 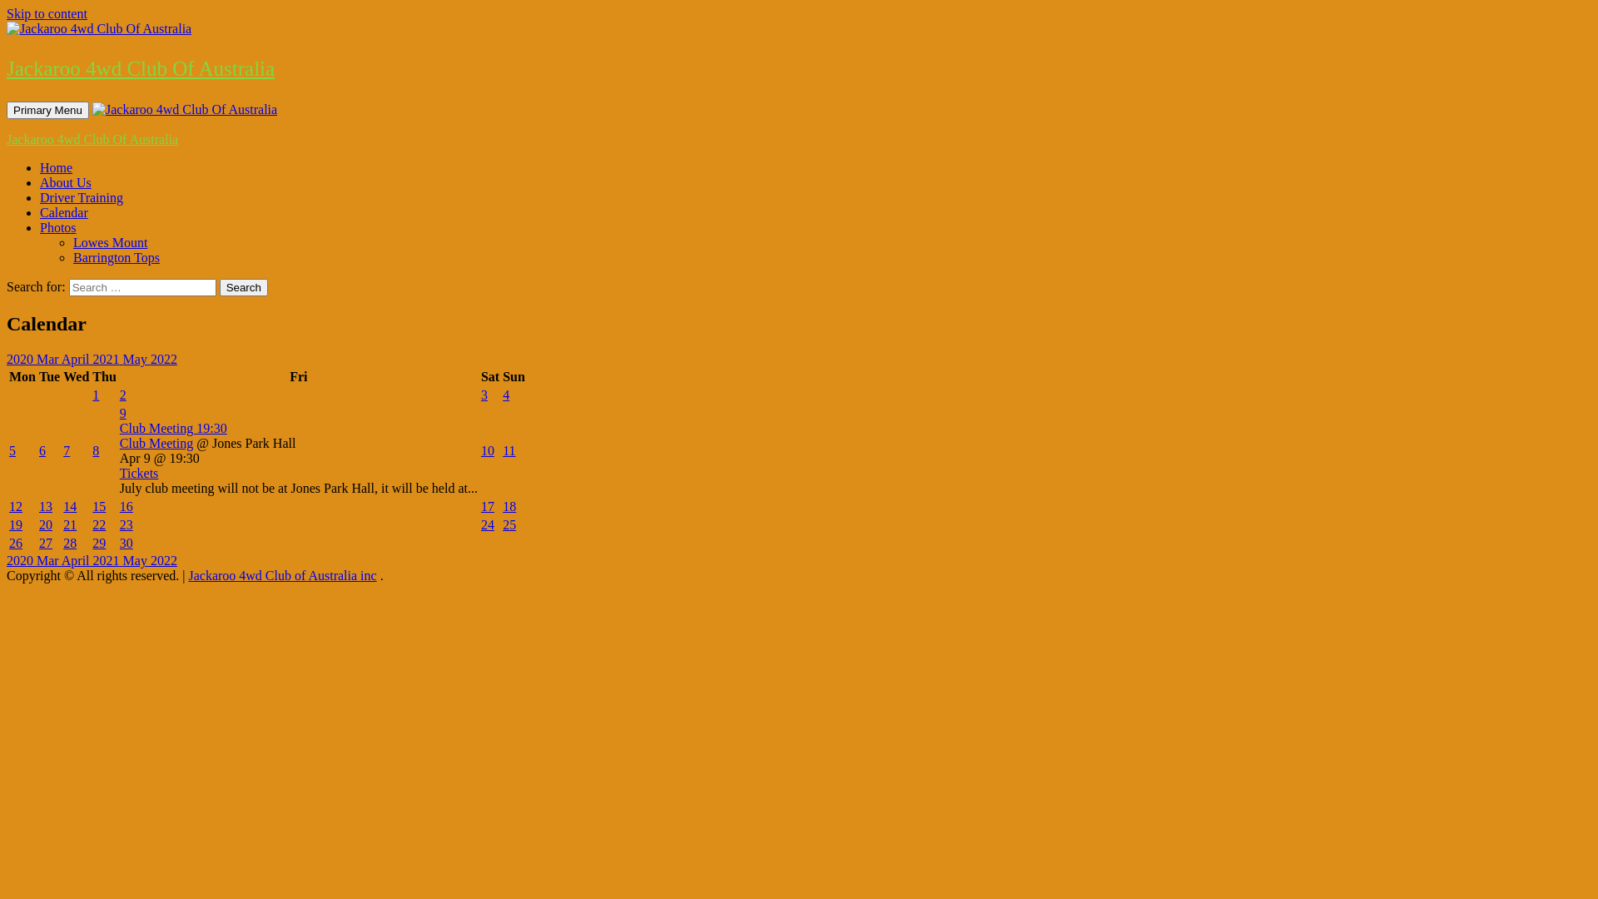 I want to click on 'Jackaroo 4wd Club Of Australia', so click(x=140, y=67).